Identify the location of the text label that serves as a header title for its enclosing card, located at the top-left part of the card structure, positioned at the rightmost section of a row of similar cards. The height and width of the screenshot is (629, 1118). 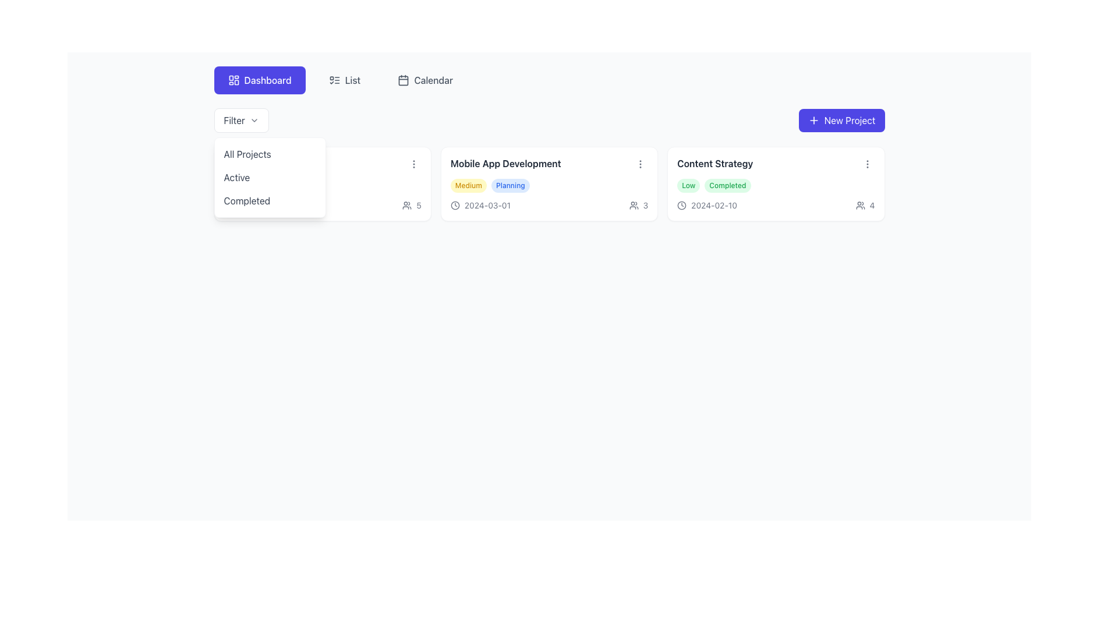
(714, 164).